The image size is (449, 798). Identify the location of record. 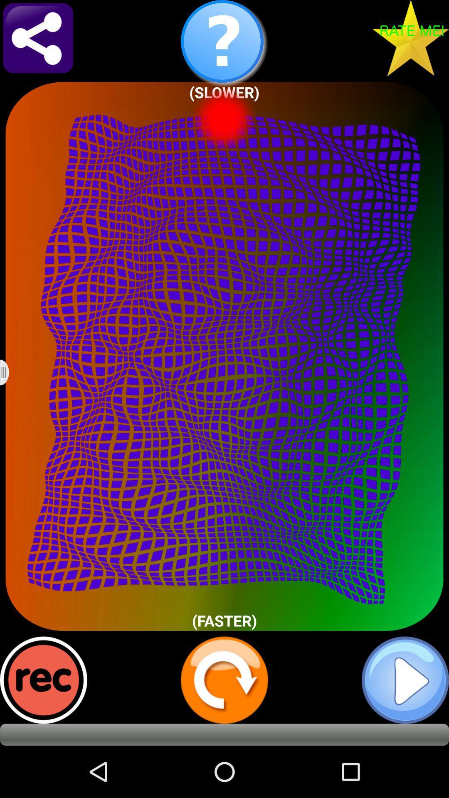
(43, 680).